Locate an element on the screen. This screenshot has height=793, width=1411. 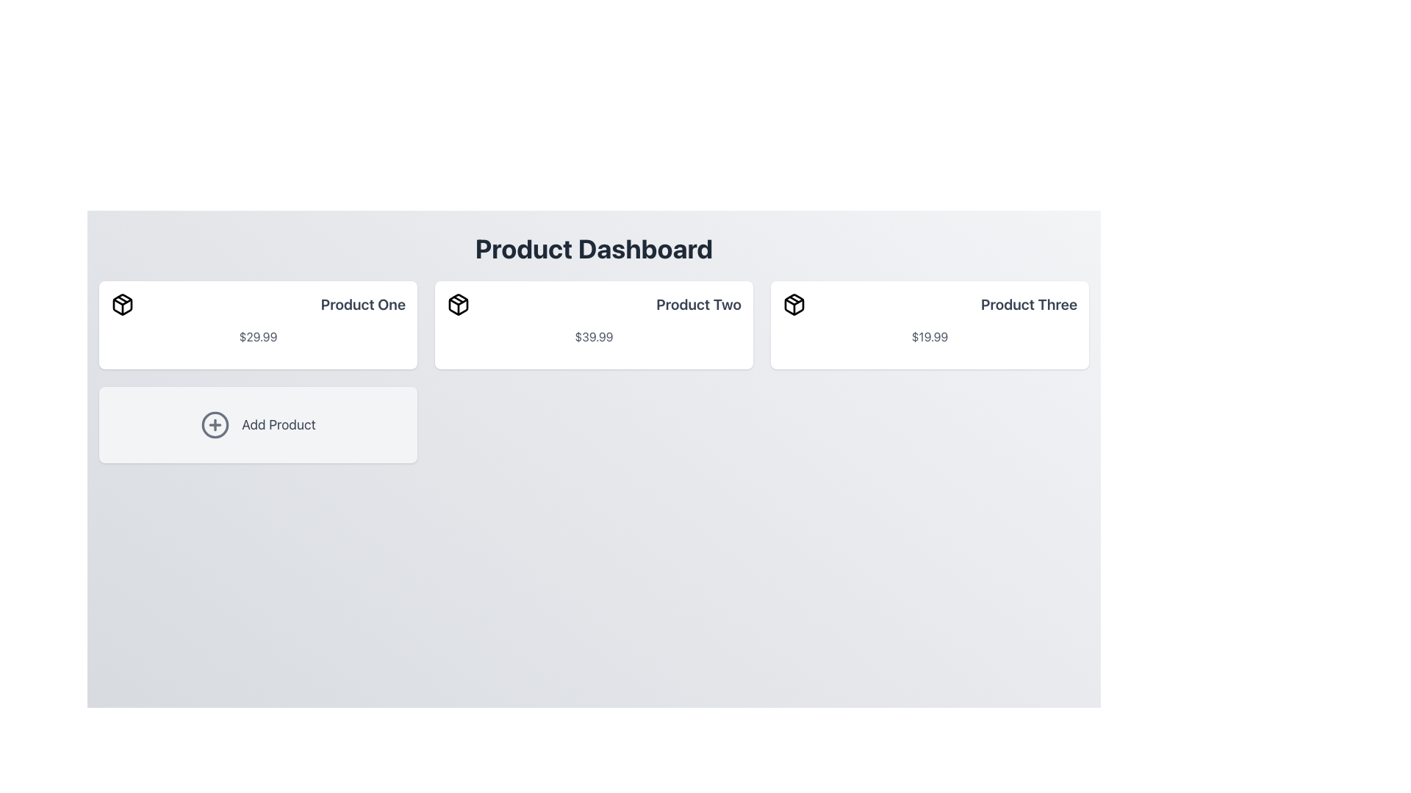
the circular plus button in the 'Add Product' card located at the bottom-left of the main dashboard to trigger tooltips or visual feedback is located at coordinates (215, 424).